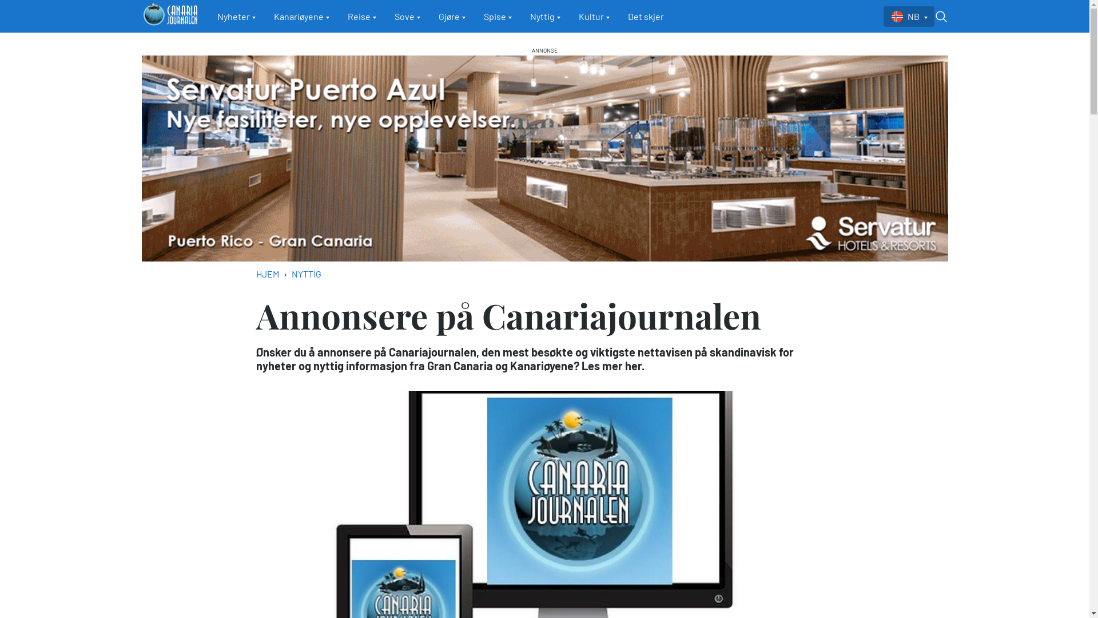 Image resolution: width=1098 pixels, height=618 pixels. I want to click on 'Nyheter', so click(236, 17).